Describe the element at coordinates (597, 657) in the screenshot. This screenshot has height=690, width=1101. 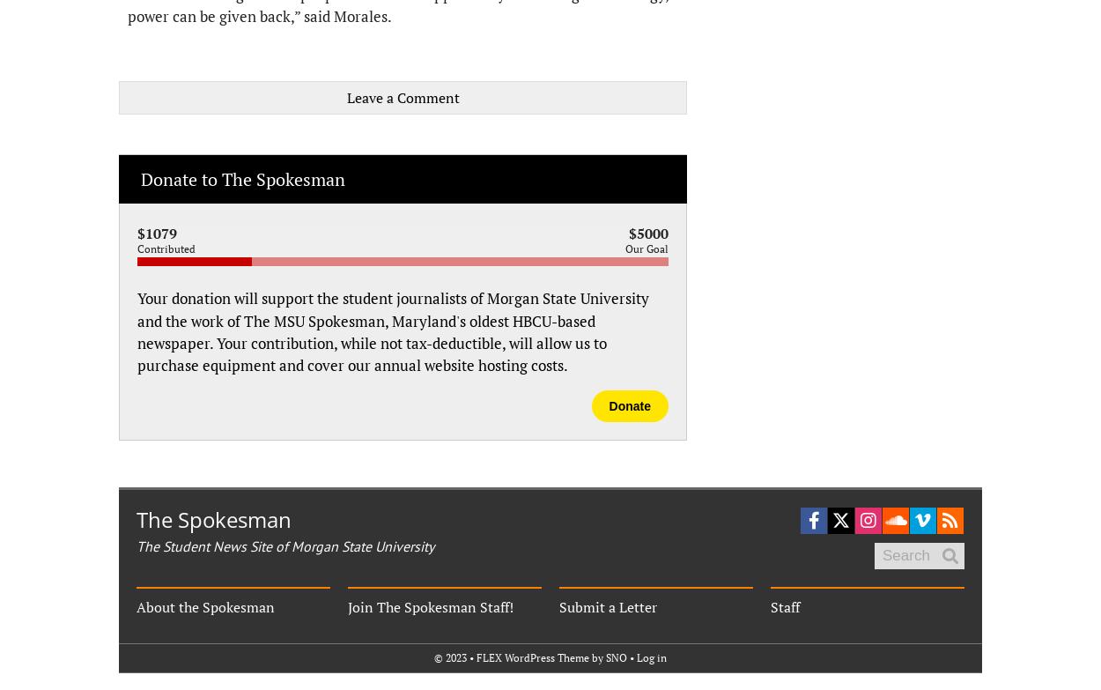
I see `'by'` at that location.